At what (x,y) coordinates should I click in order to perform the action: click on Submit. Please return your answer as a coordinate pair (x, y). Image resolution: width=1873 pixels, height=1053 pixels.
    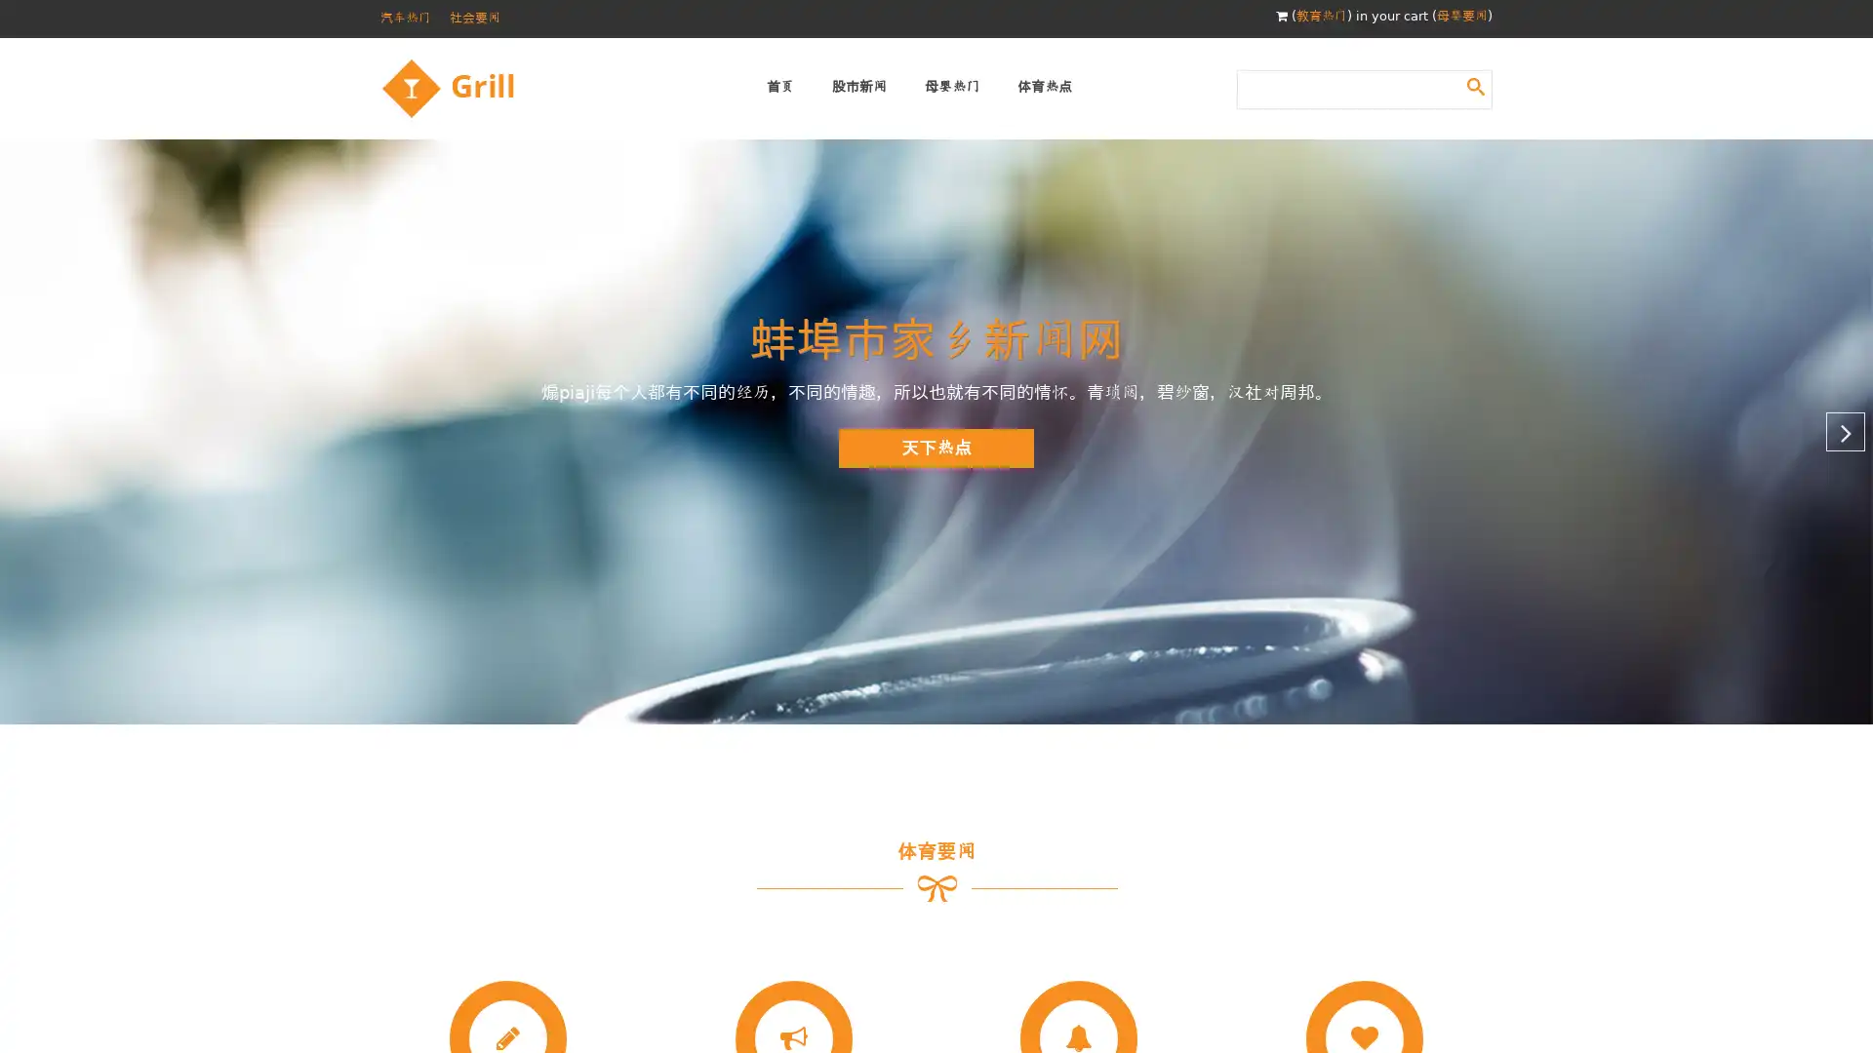
    Looking at the image, I should click on (1475, 85).